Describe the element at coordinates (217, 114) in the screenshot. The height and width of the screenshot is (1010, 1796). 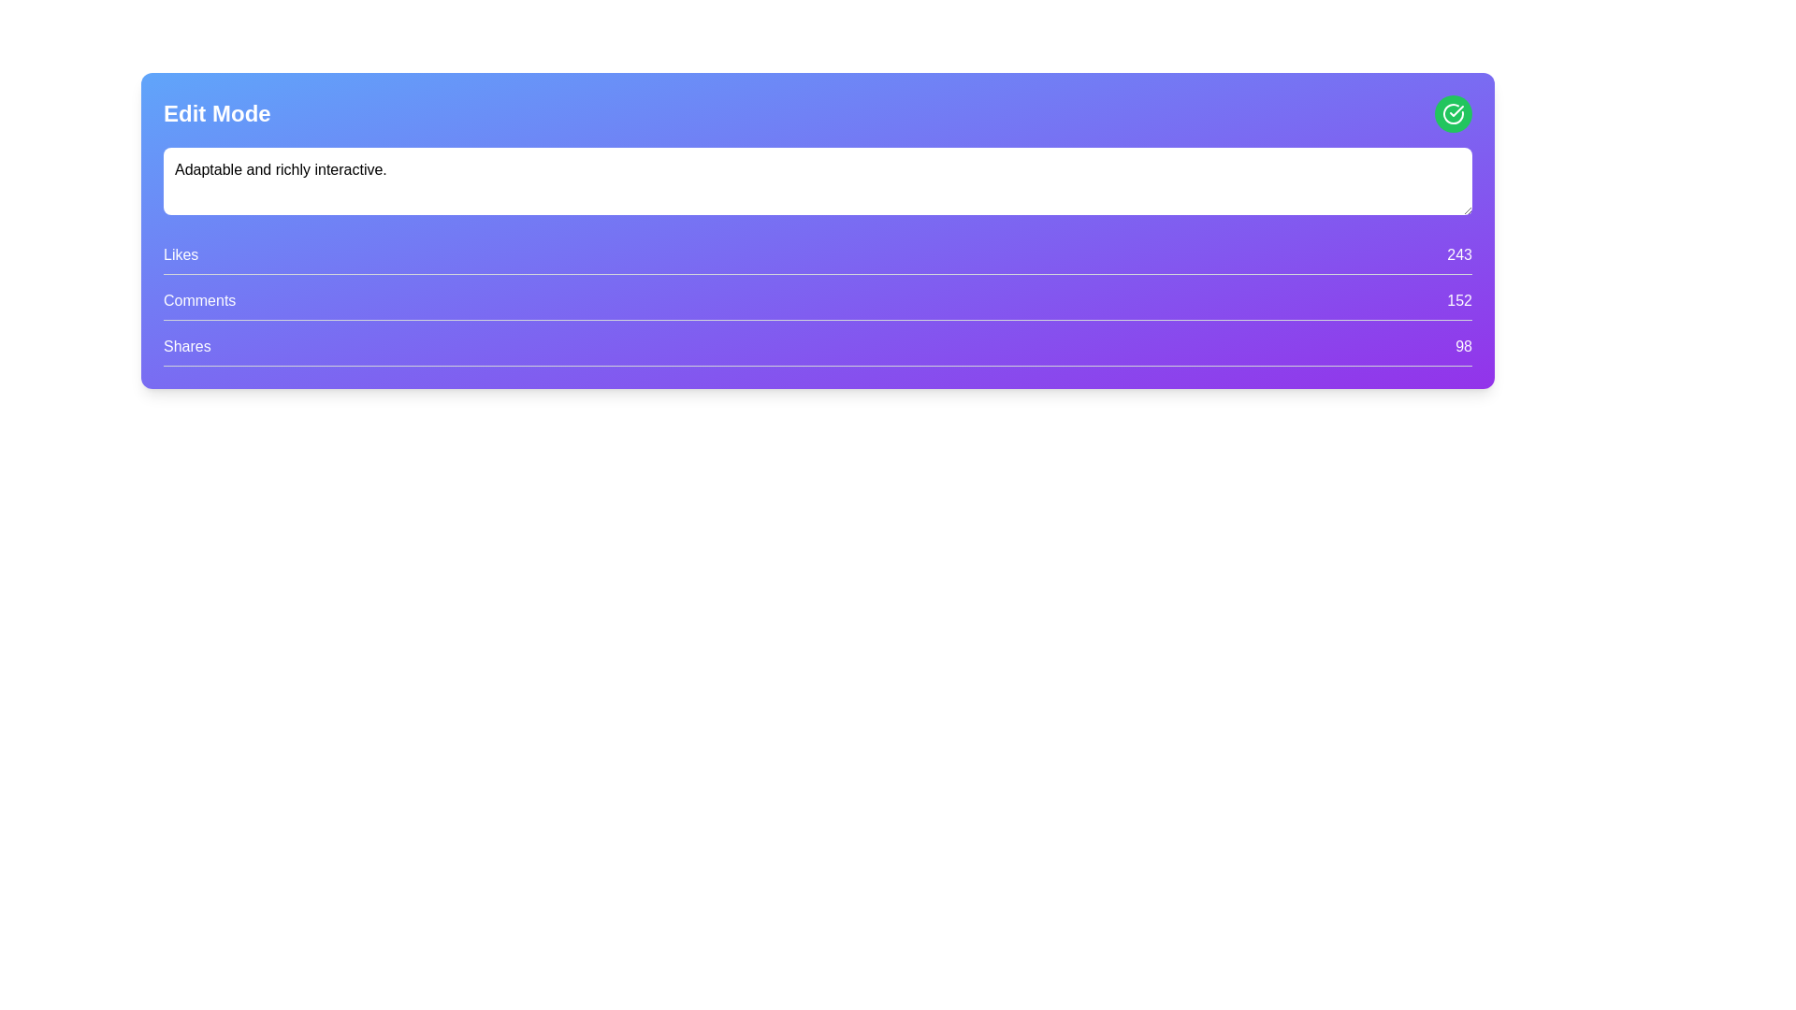
I see `the 'Edit Mode' text label, which is a bold and large font label at the beginning of a section with a gradient blue background` at that location.